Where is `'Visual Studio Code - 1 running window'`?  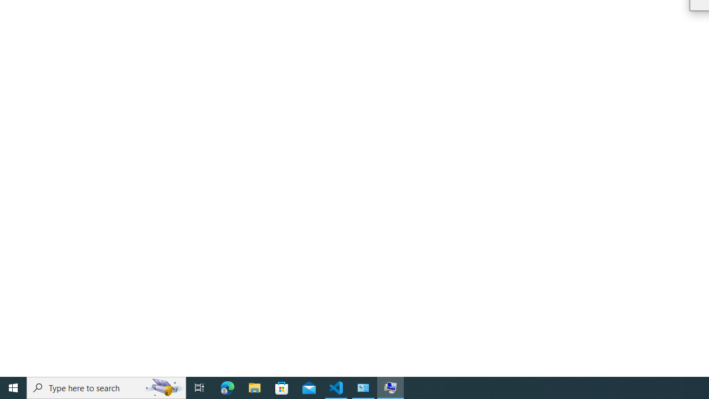 'Visual Studio Code - 1 running window' is located at coordinates (336, 387).